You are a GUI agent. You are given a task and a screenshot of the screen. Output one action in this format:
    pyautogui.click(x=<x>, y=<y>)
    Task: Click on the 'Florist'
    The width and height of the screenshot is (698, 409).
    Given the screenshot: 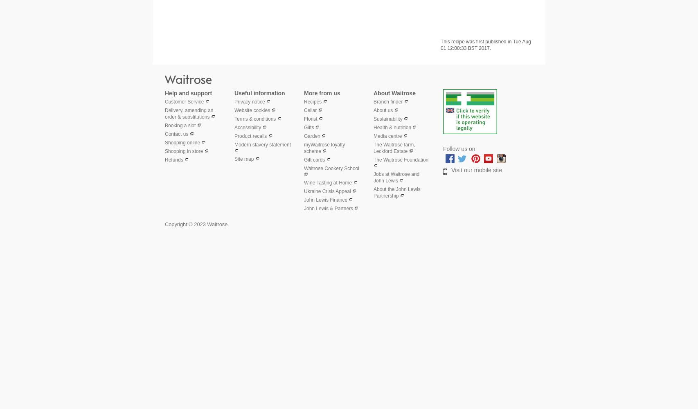 What is the action you would take?
    pyautogui.click(x=303, y=119)
    